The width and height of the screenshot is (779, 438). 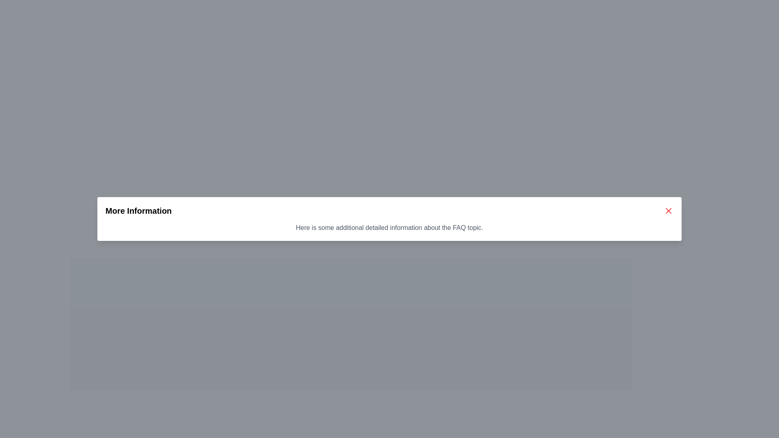 I want to click on the close button located at the top-right end of the informational box, so click(x=668, y=210).